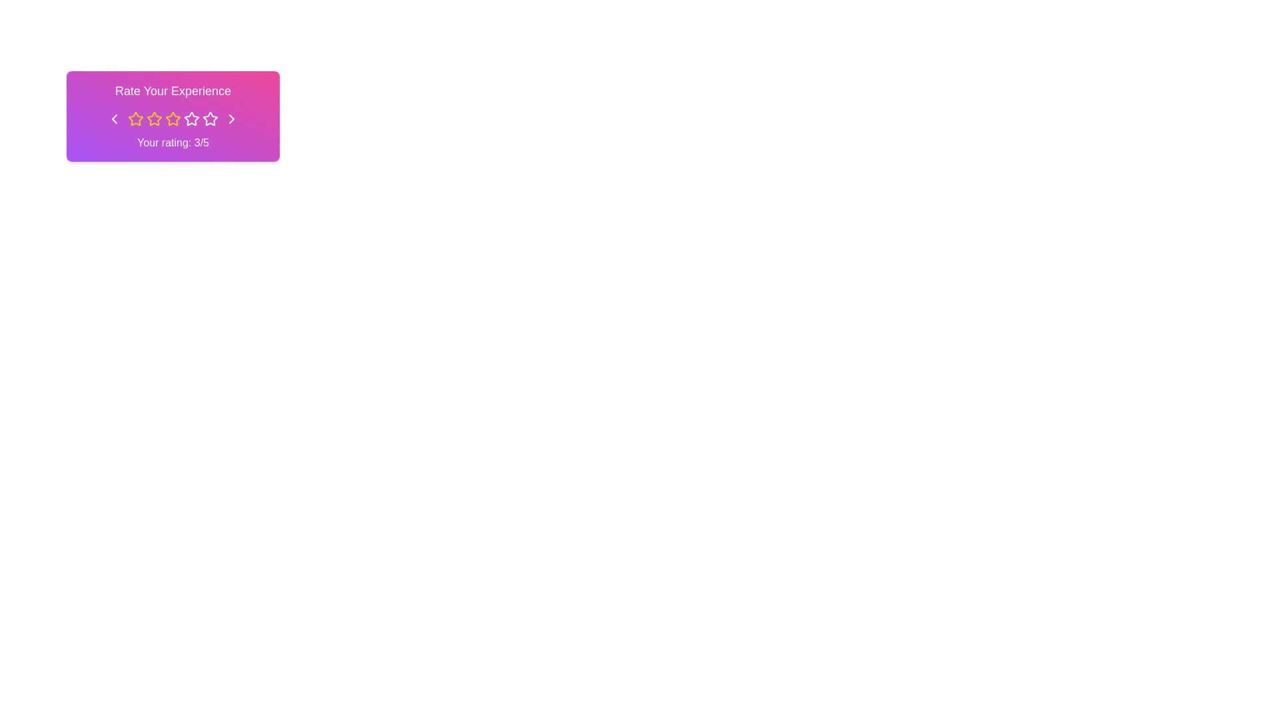 Image resolution: width=1279 pixels, height=719 pixels. I want to click on the second star icon in the five-star rating system, so click(154, 118).